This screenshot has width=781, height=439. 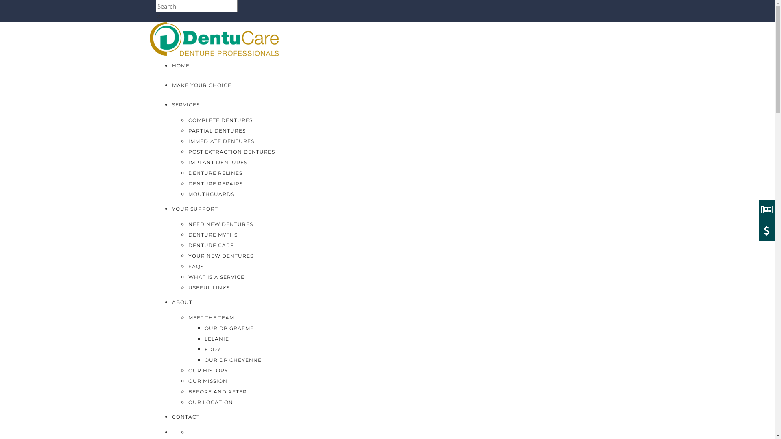 What do you see at coordinates (220, 141) in the screenshot?
I see `'IMMEDIATE DENTURES'` at bounding box center [220, 141].